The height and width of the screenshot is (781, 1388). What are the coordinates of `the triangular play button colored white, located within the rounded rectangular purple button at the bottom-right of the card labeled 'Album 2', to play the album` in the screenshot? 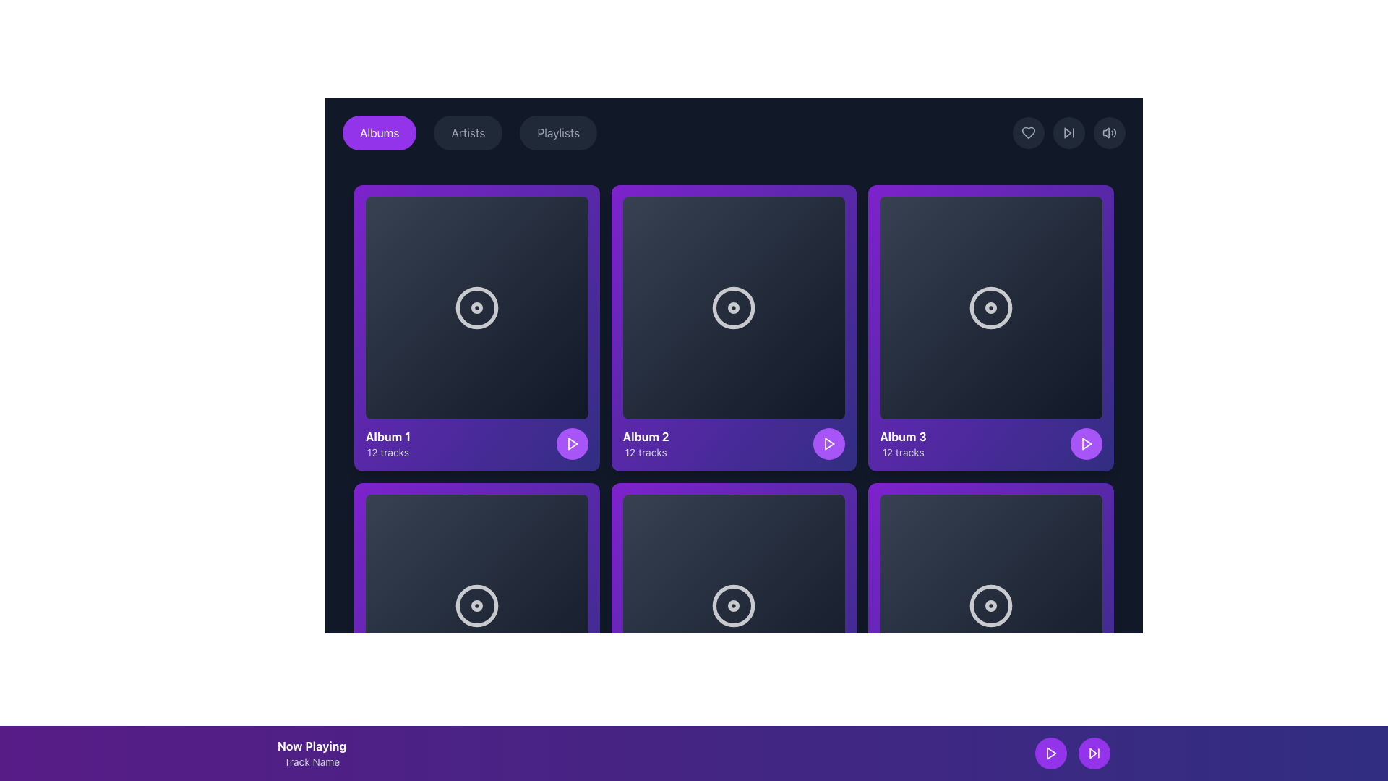 It's located at (572, 443).